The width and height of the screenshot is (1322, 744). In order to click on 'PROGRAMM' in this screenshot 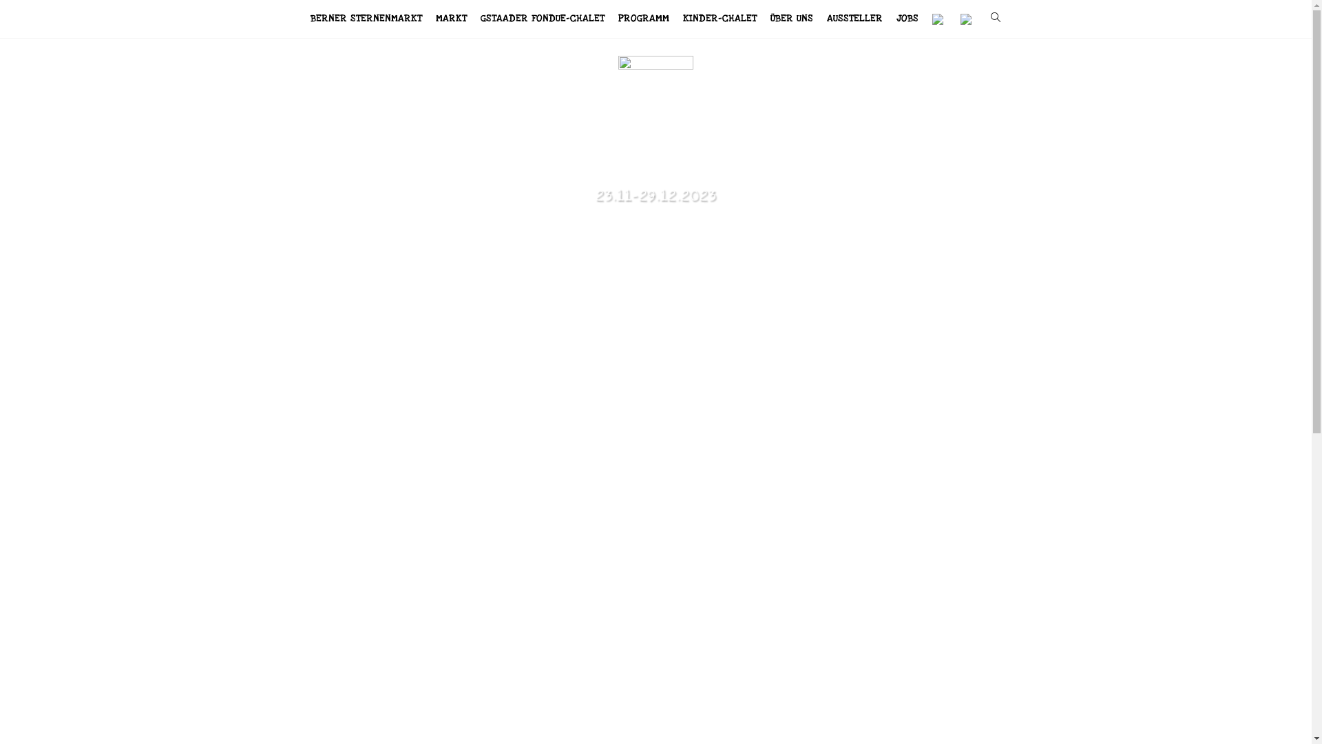, I will do `click(643, 19)`.